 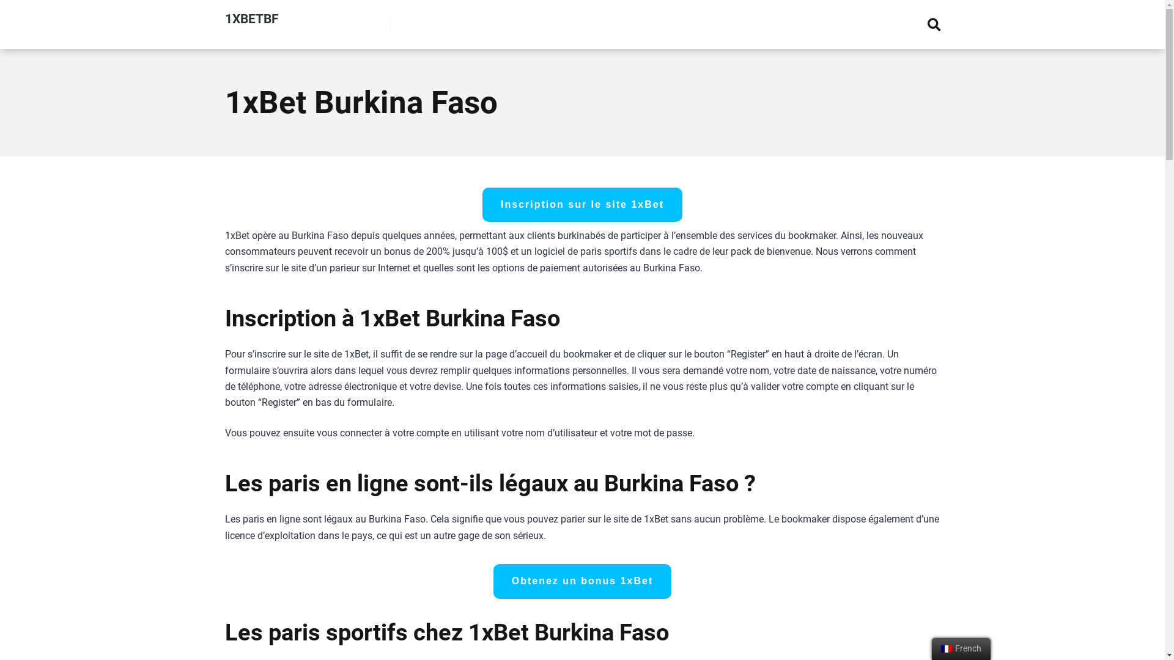 What do you see at coordinates (945, 648) in the screenshot?
I see `'French'` at bounding box center [945, 648].